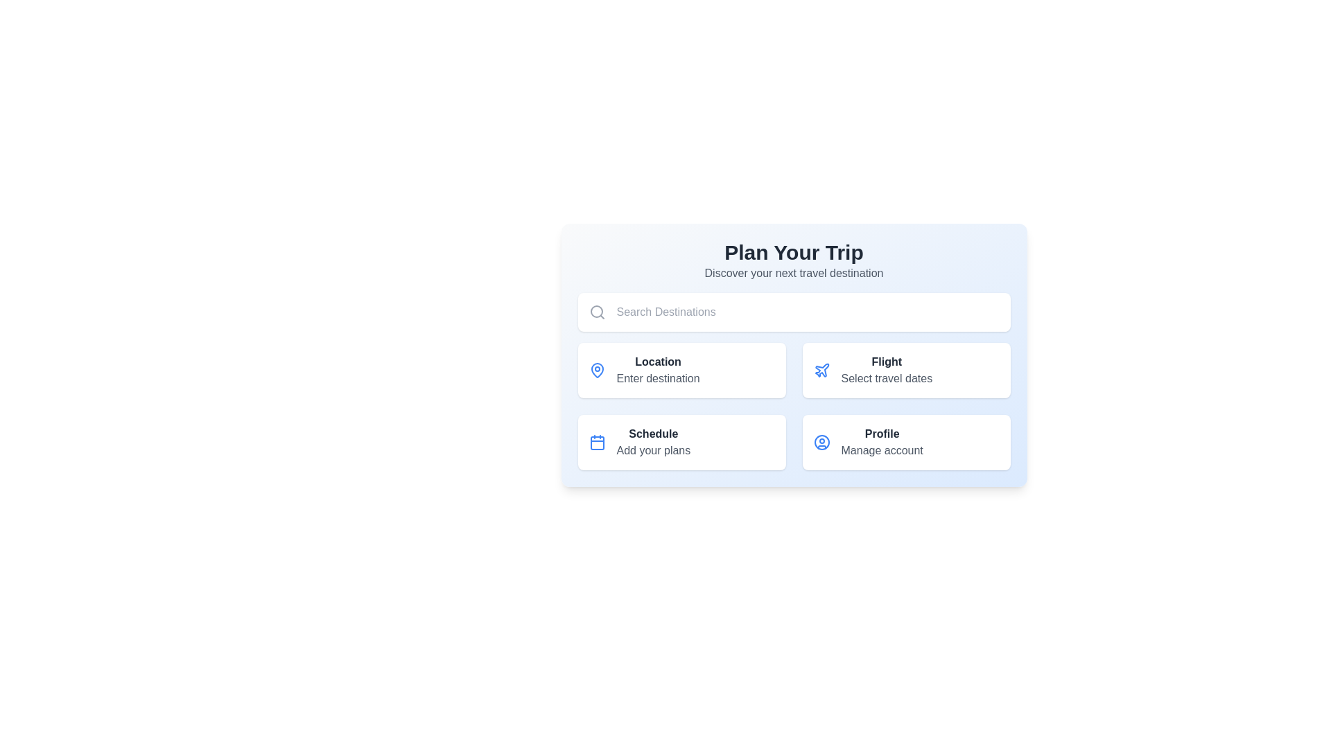  I want to click on the icon representing the 'Profile Manage account' section, located in the lower-right corner of the interface under 'Plan Your Trip', so click(821, 443).